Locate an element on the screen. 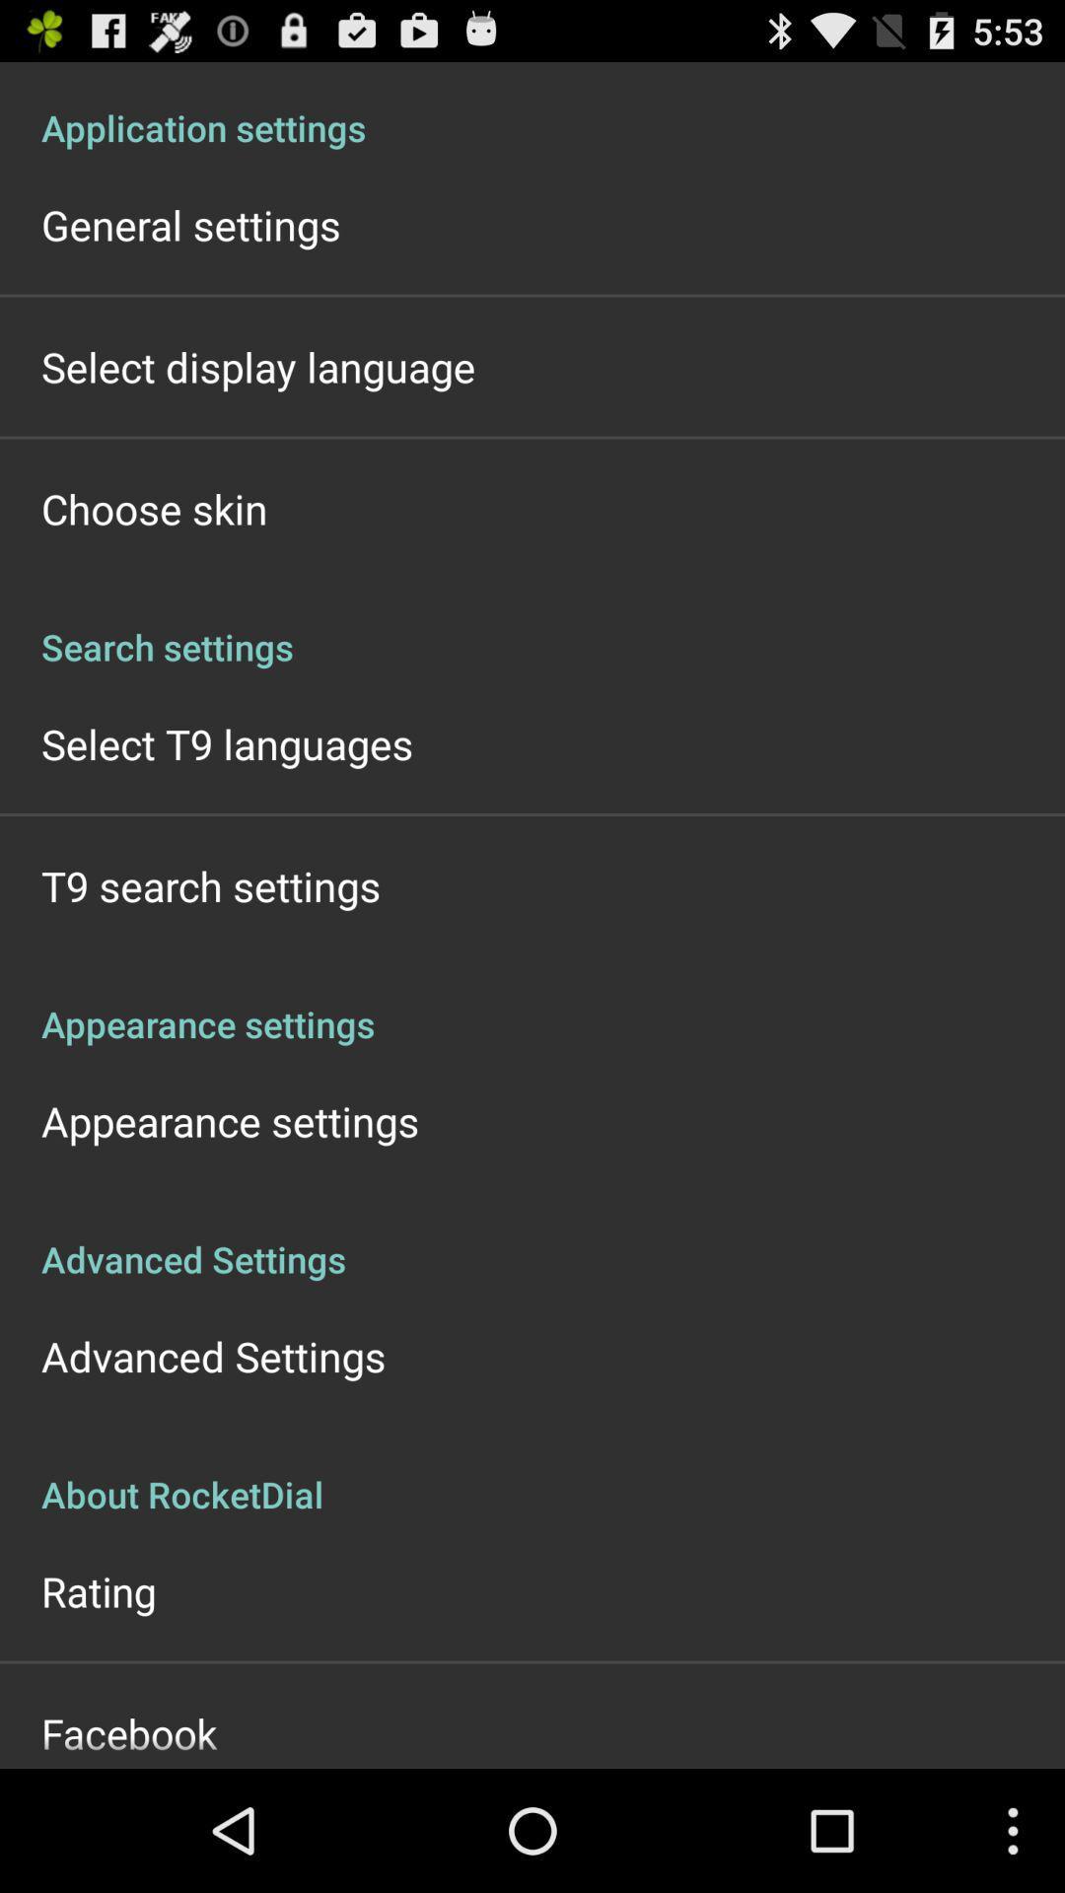  the icon above choose skin is located at coordinates (257, 367).